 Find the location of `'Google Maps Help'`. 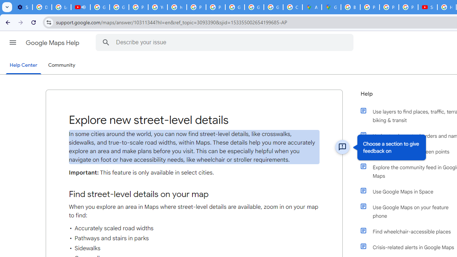

'Google Maps Help' is located at coordinates (53, 42).